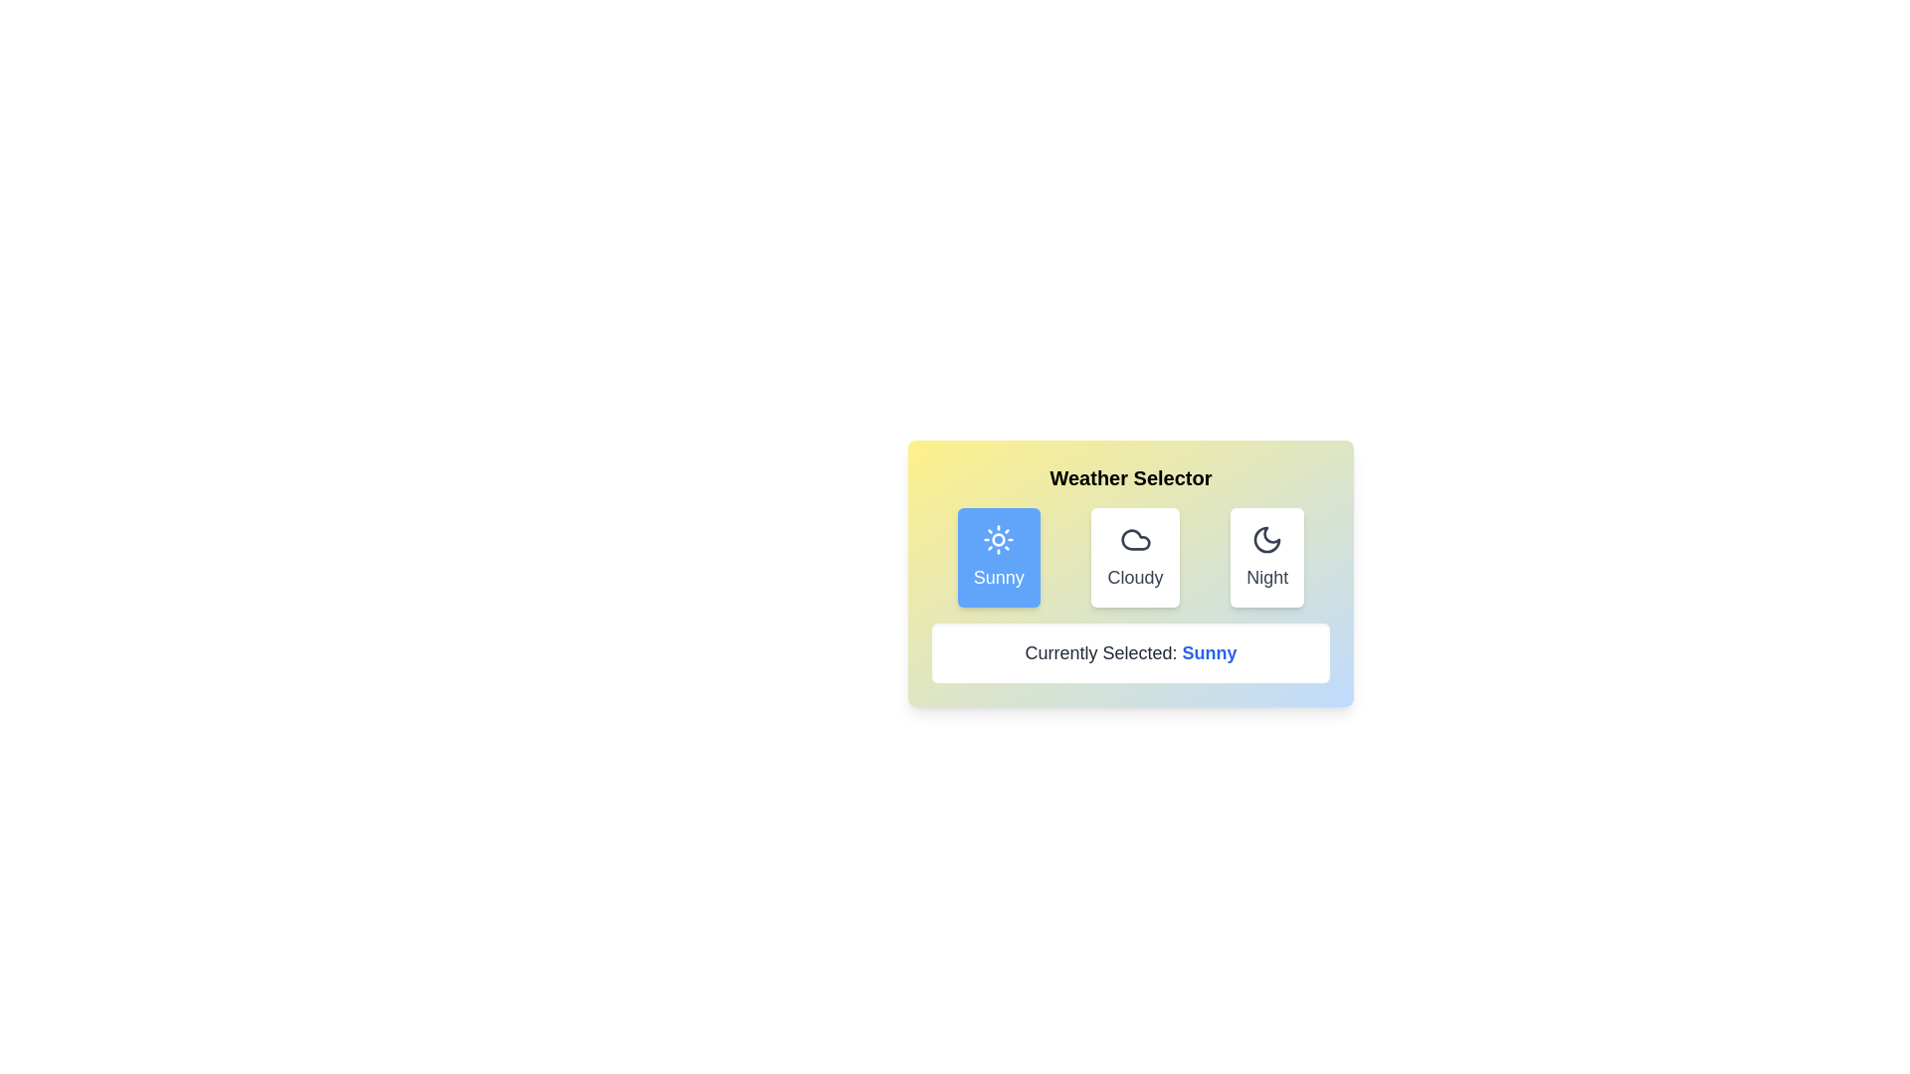 The height and width of the screenshot is (1074, 1910). Describe the element at coordinates (1135, 557) in the screenshot. I see `the weather option Cloudy to observe its representation` at that location.